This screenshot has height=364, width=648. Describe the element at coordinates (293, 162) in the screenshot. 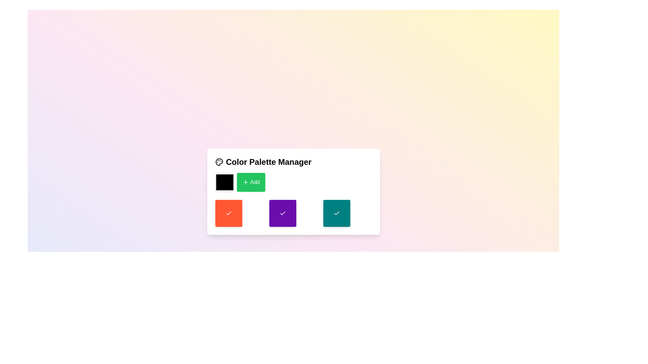

I see `the Header Text which indicates the title of the color palette management tool, located at the top of the card-like structure` at that location.